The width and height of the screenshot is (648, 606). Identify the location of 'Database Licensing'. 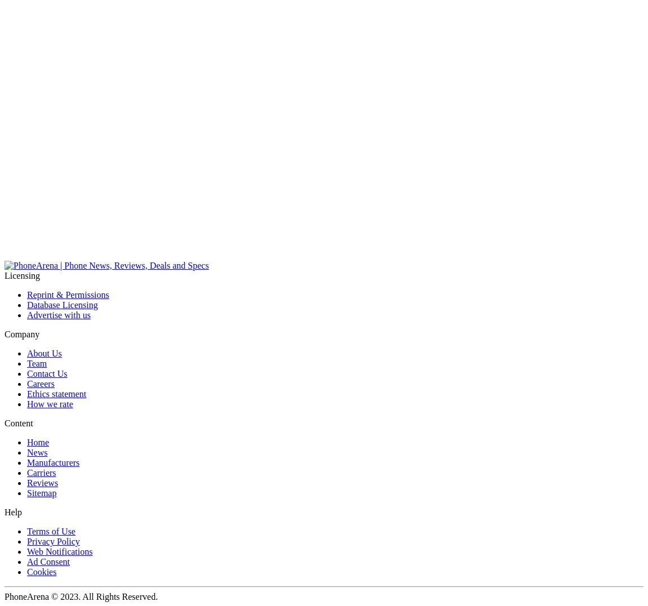
(61, 304).